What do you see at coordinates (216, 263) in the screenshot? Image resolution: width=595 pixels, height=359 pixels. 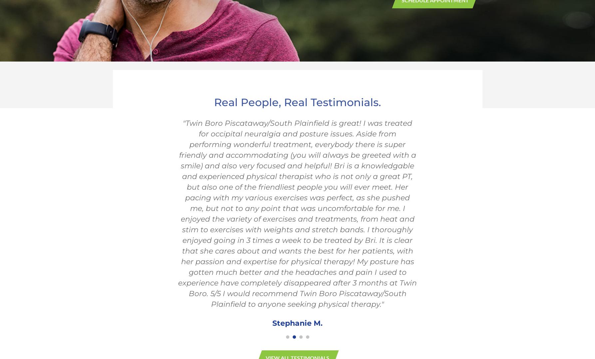 I see `'We have'` at bounding box center [216, 263].